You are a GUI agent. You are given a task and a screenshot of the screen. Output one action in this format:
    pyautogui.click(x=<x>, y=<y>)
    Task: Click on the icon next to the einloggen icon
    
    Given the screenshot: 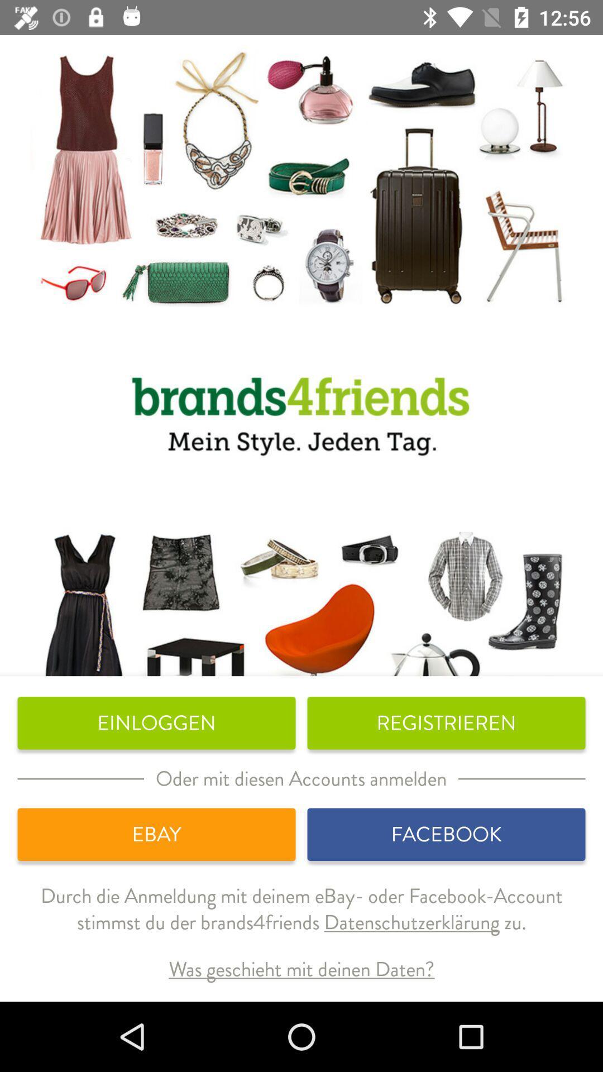 What is the action you would take?
    pyautogui.click(x=446, y=723)
    